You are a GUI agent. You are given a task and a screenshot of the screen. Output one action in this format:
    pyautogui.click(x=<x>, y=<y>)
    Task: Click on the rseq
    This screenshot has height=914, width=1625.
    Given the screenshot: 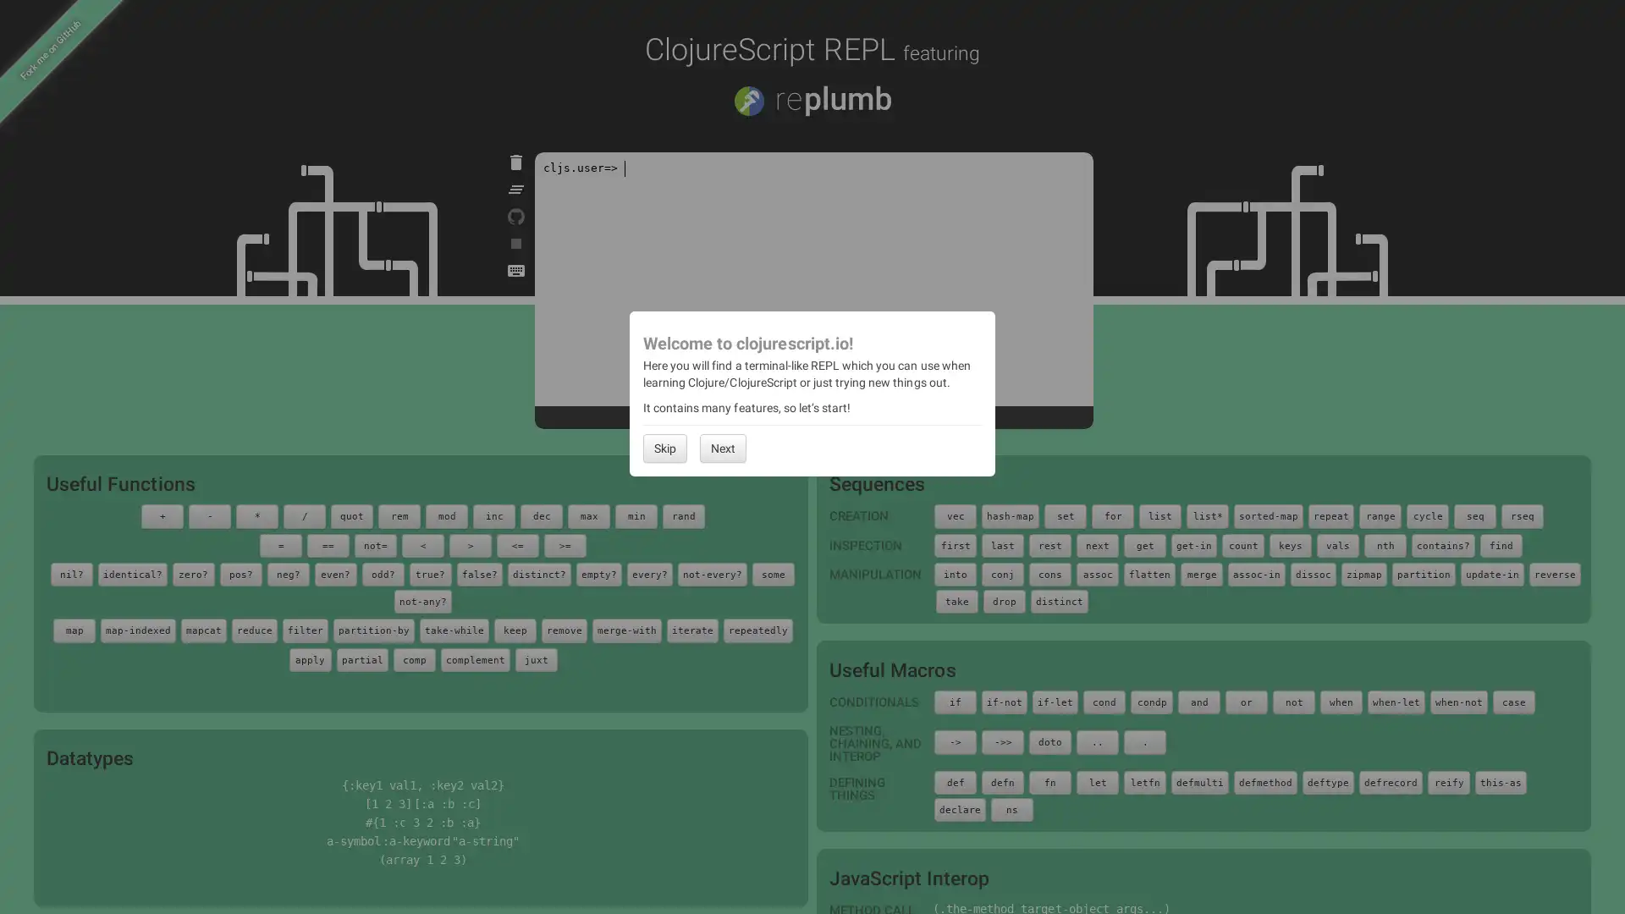 What is the action you would take?
    pyautogui.click(x=1523, y=515)
    